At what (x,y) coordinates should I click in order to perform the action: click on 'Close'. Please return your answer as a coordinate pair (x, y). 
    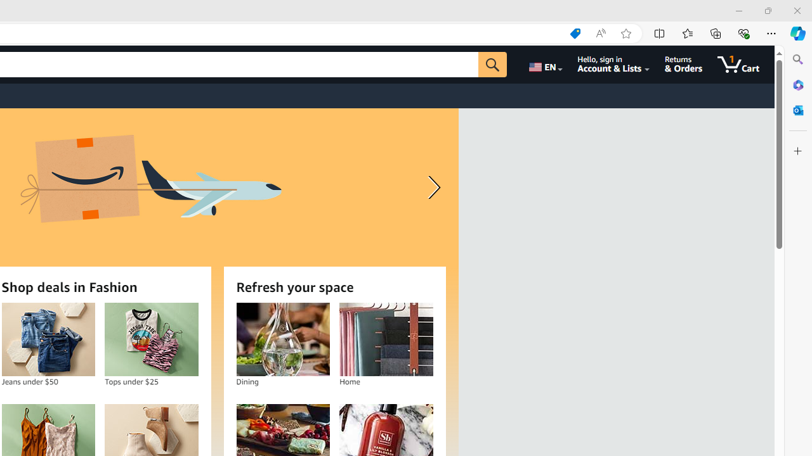
    Looking at the image, I should click on (796, 10).